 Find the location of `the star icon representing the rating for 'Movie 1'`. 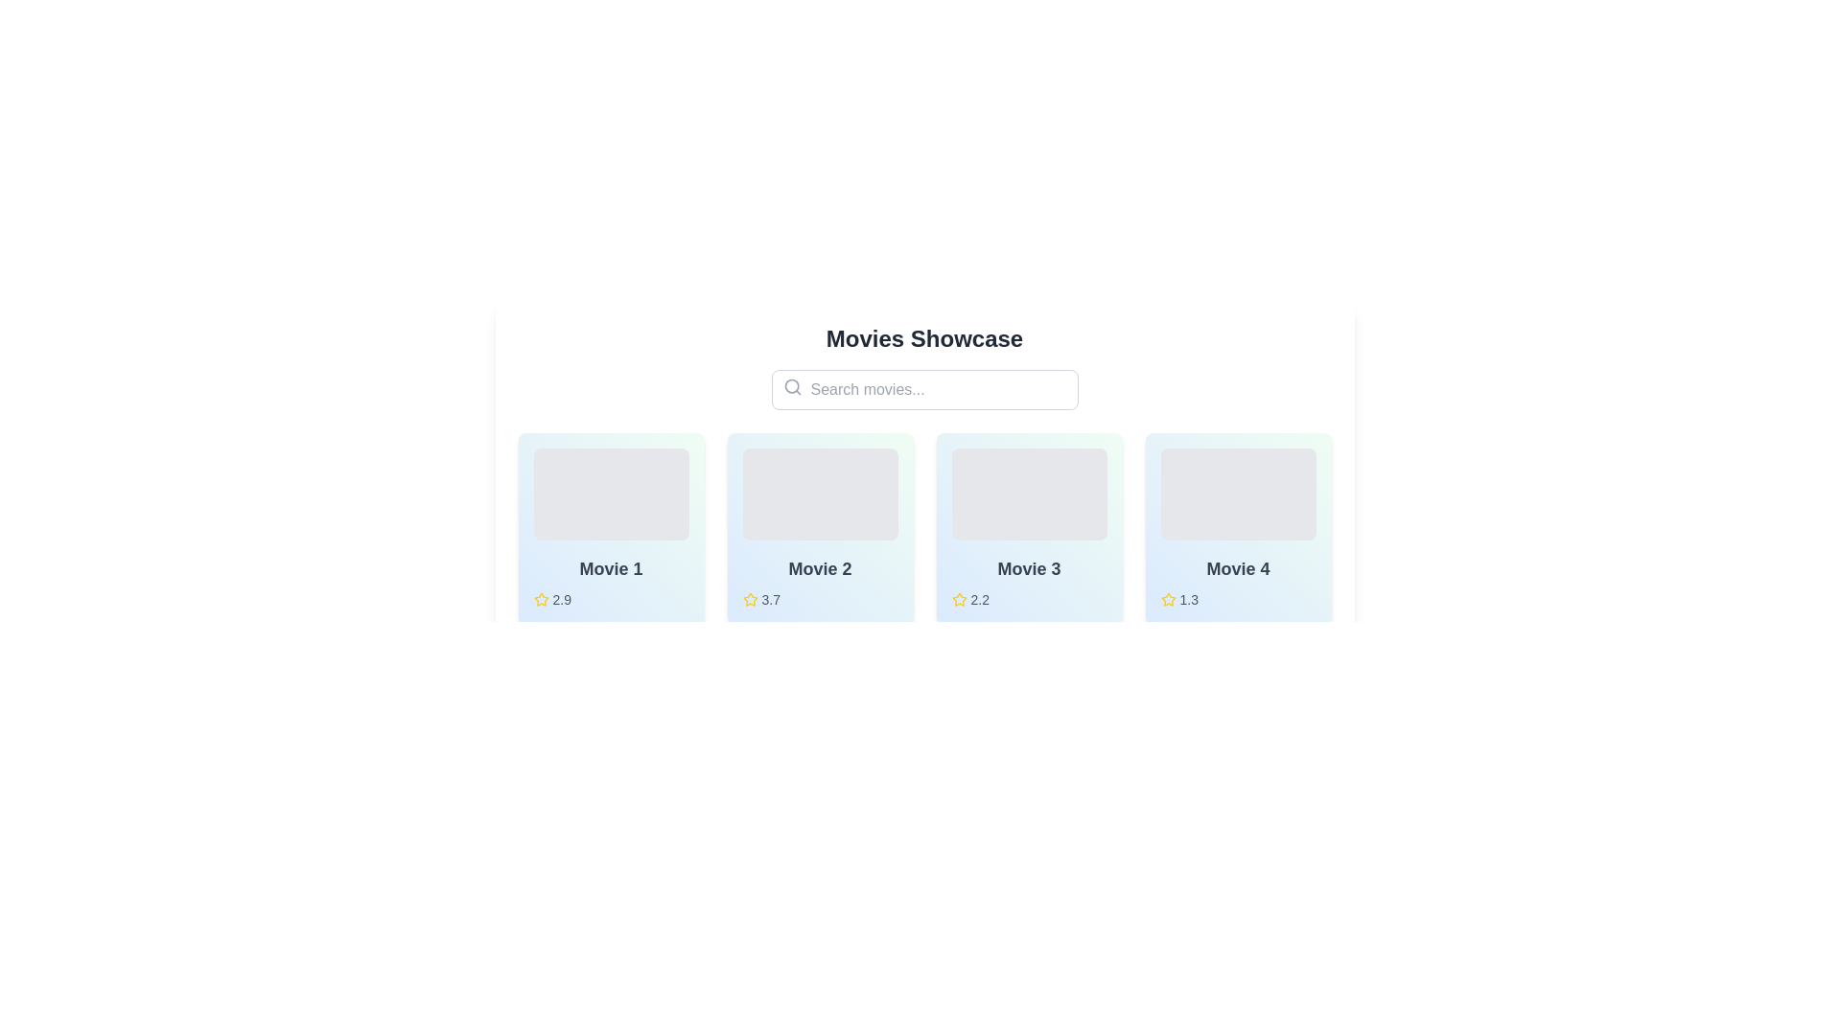

the star icon representing the rating for 'Movie 1' is located at coordinates (540, 598).